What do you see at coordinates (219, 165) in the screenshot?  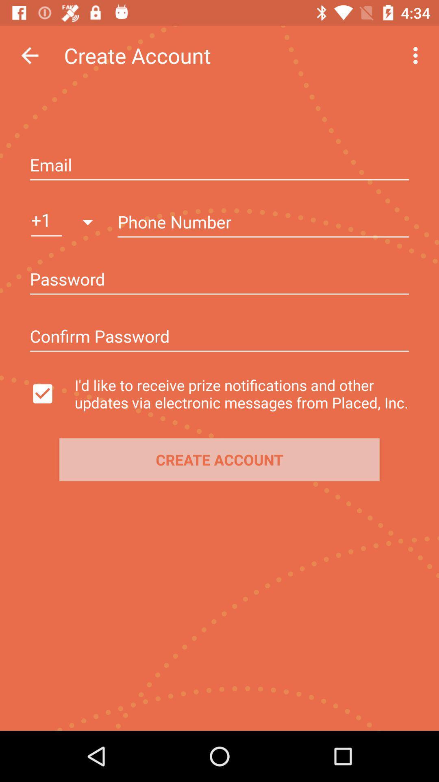 I see `insert email` at bounding box center [219, 165].